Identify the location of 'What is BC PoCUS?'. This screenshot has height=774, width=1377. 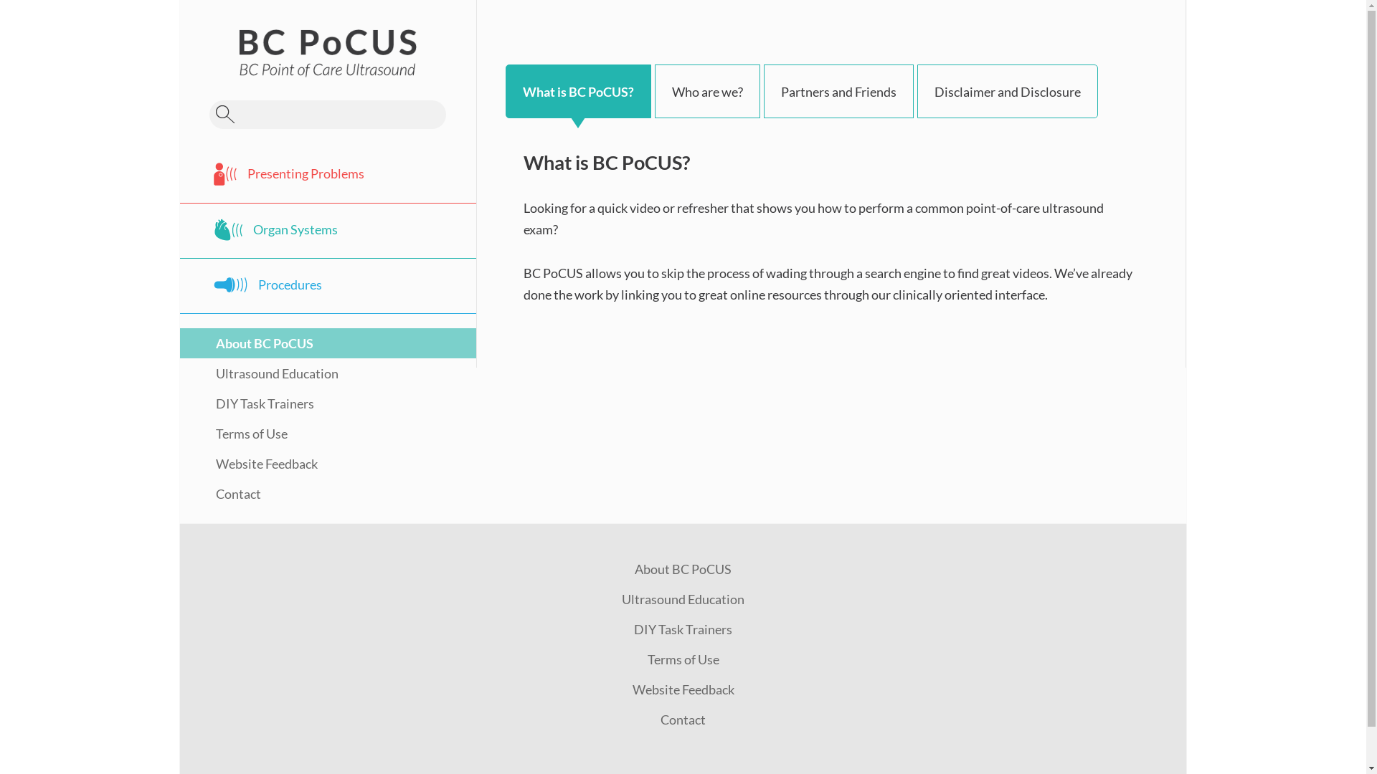
(578, 91).